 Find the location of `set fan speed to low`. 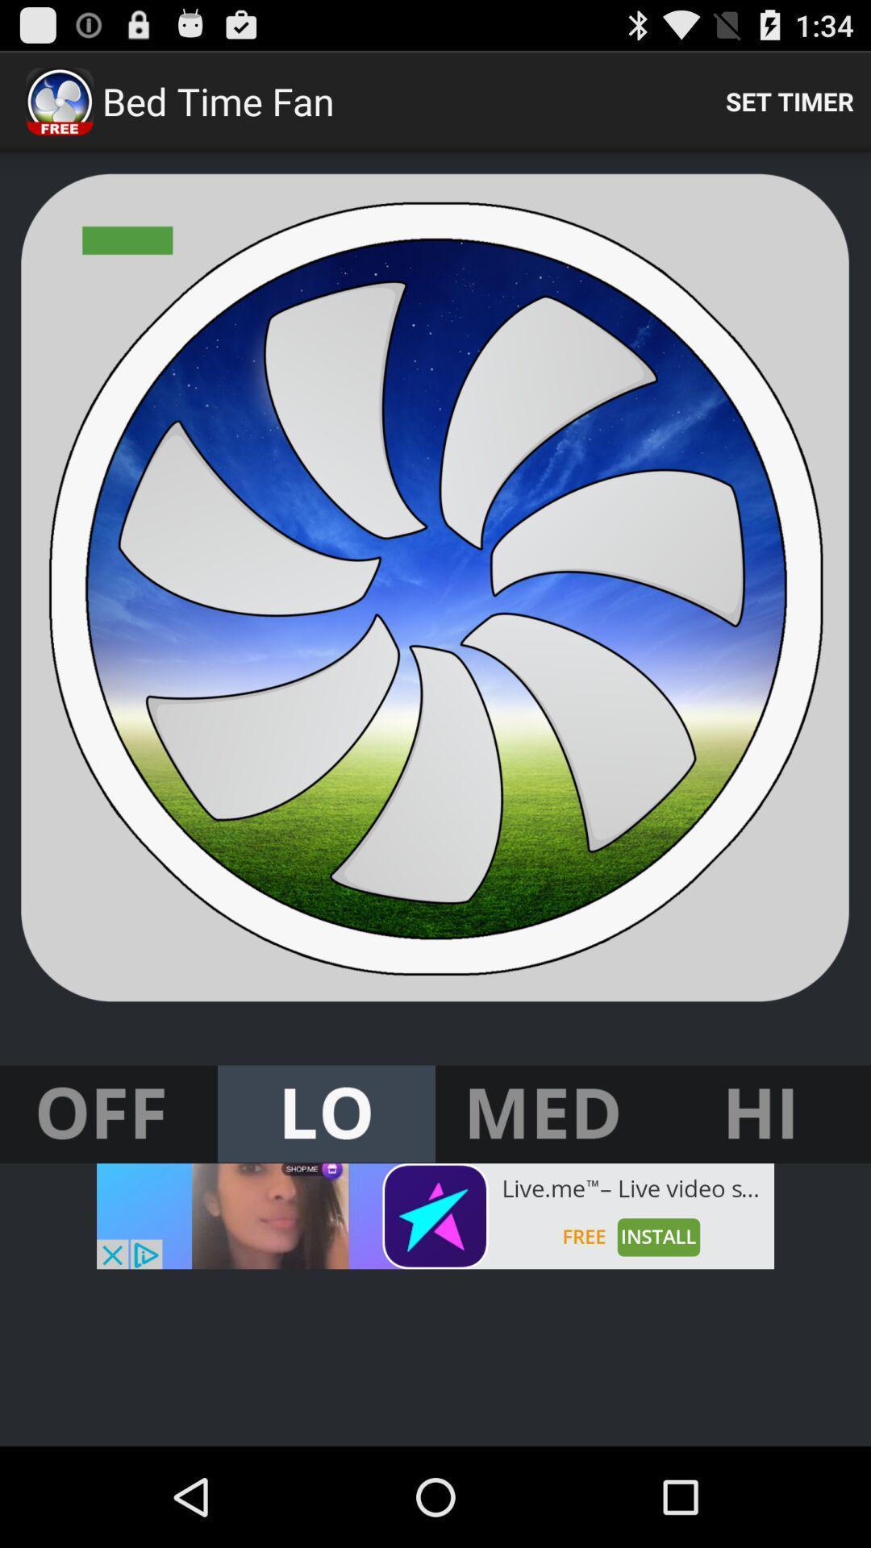

set fan speed to low is located at coordinates (327, 1113).